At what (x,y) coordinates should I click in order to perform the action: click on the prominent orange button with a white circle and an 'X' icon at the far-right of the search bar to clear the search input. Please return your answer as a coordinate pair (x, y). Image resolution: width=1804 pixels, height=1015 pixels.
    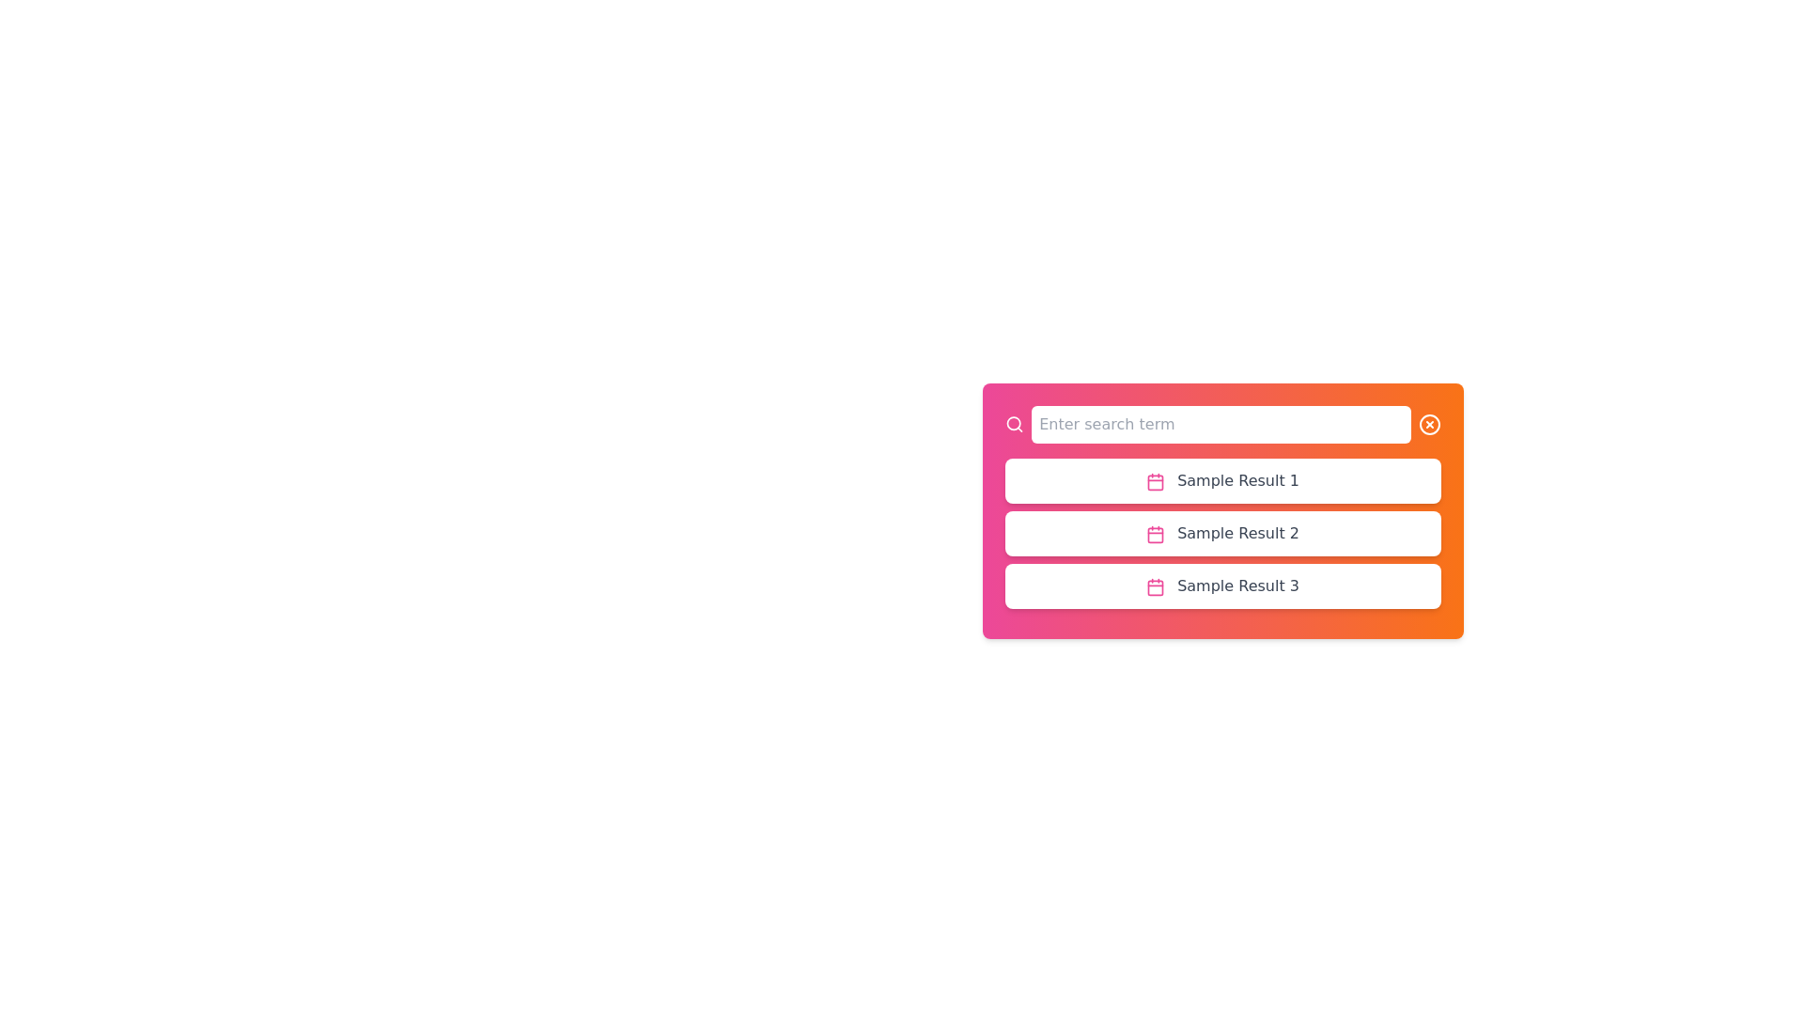
    Looking at the image, I should click on (1428, 424).